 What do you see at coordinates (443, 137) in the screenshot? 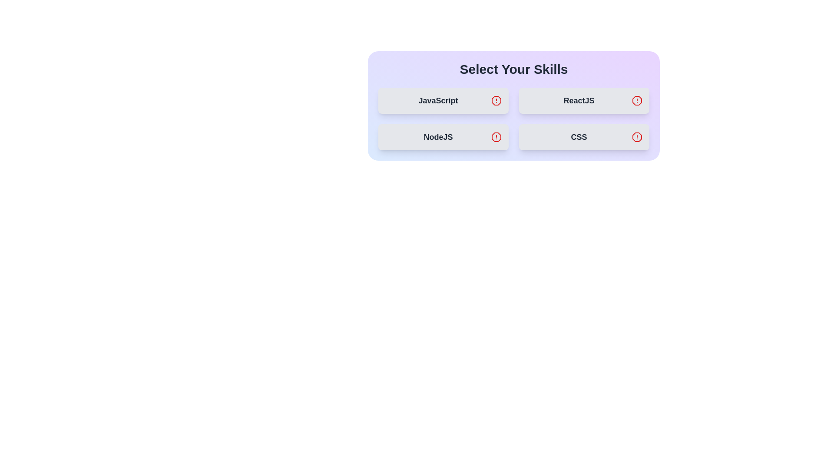
I see `the skill item NodeJS` at bounding box center [443, 137].